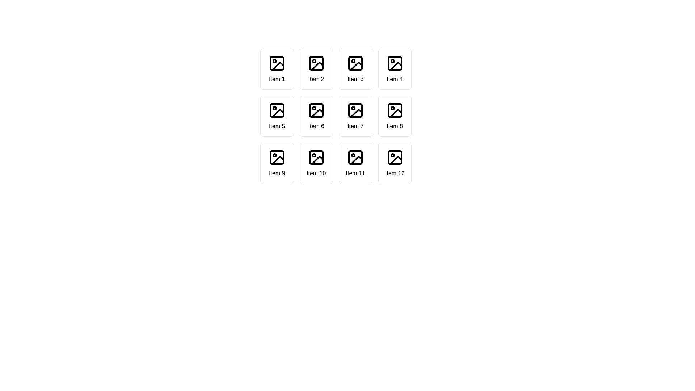 This screenshot has height=391, width=695. I want to click on the rectangular icon located in the grid cell labeled 'Item 8', which features rounded corners and internal graphics resembling a square and circle, so click(394, 110).